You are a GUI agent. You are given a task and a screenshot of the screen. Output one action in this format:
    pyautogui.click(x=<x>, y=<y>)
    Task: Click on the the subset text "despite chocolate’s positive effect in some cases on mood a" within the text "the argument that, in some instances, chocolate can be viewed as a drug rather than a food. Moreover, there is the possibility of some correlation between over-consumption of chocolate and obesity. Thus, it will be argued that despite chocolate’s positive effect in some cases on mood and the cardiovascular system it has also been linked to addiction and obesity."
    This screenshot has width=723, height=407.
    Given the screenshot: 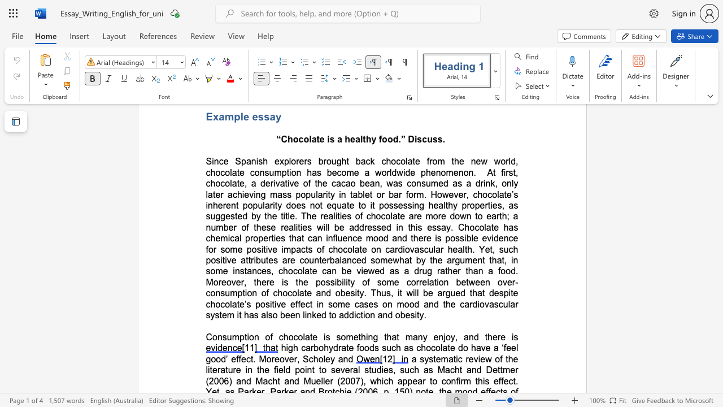 What is the action you would take?
    pyautogui.click(x=489, y=292)
    